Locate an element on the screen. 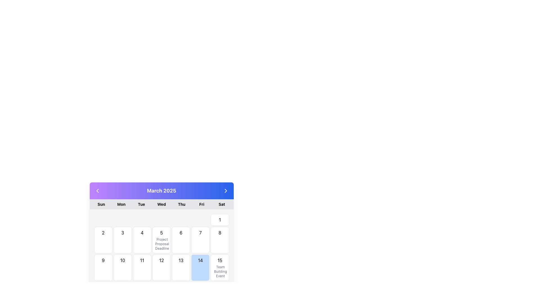 This screenshot has height=304, width=540. the bold text label displaying 'Tue', which is the third day abbreviation in the header of the calendar interface is located at coordinates (141, 204).